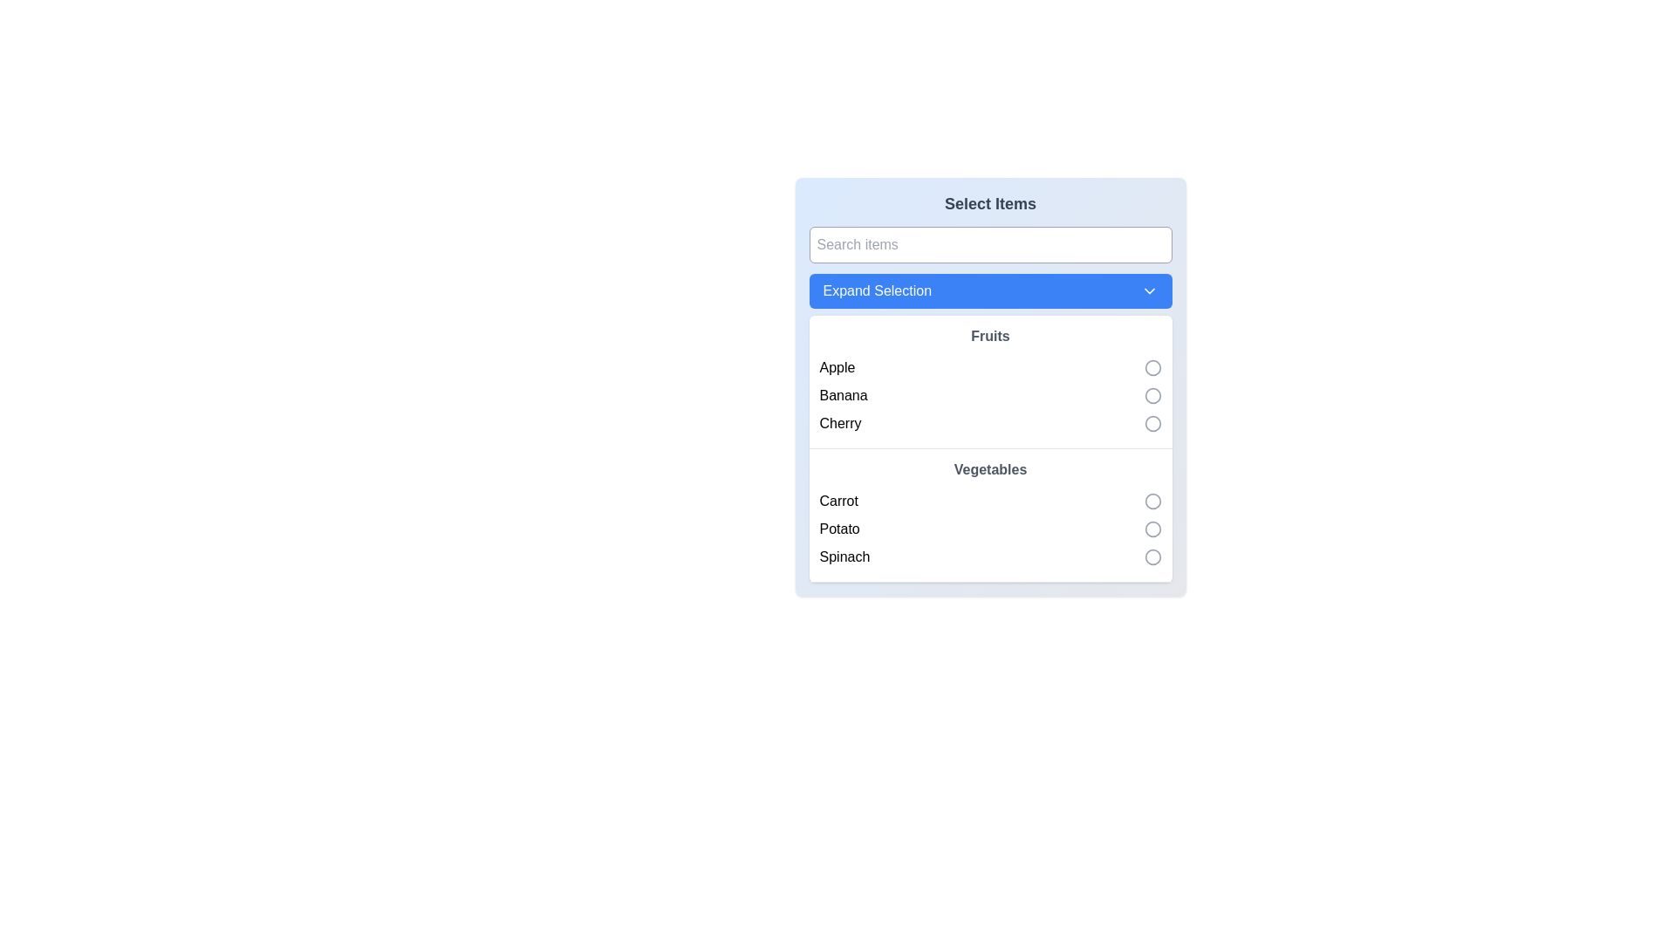  What do you see at coordinates (840, 424) in the screenshot?
I see `the text label displaying 'Cherry', which is the third item under the 'Fruits' category, positioned between 'Banana' and 'Vegetables'` at bounding box center [840, 424].